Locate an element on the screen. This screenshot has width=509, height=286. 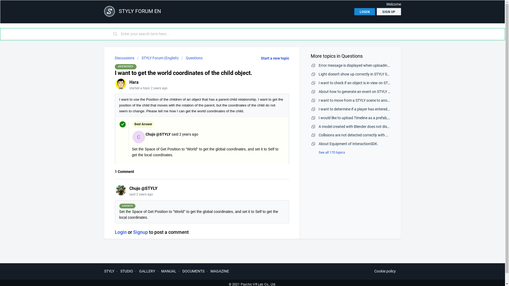
'Discussions' is located at coordinates (124, 58).